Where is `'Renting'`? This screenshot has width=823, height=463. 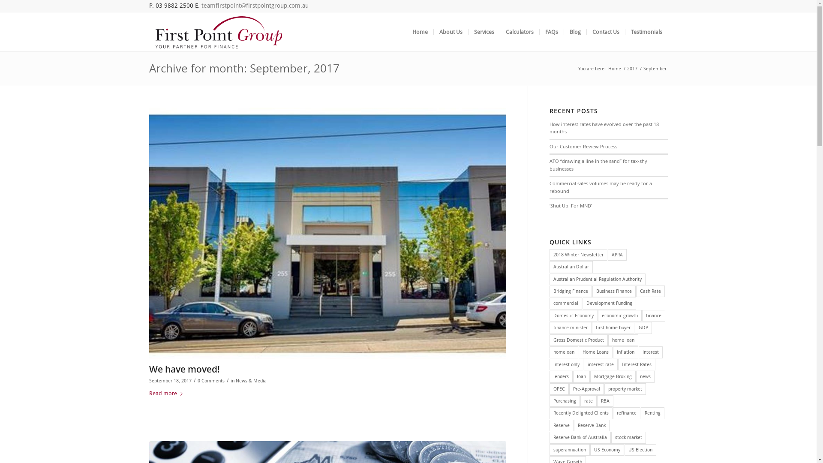 'Renting' is located at coordinates (652, 412).